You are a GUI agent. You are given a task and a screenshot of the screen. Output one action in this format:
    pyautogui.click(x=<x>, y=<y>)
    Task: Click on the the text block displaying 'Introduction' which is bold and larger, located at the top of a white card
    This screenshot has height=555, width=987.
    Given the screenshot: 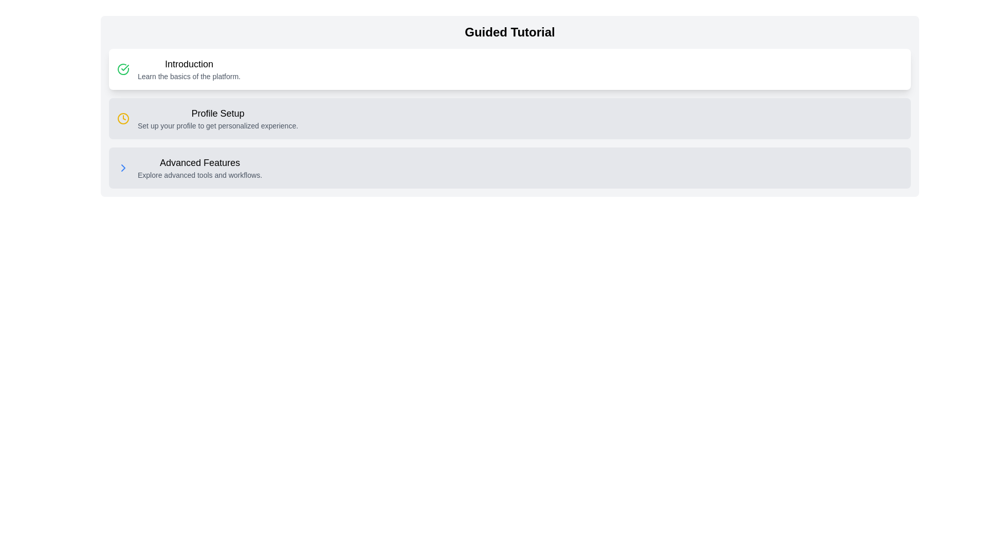 What is the action you would take?
    pyautogui.click(x=189, y=69)
    